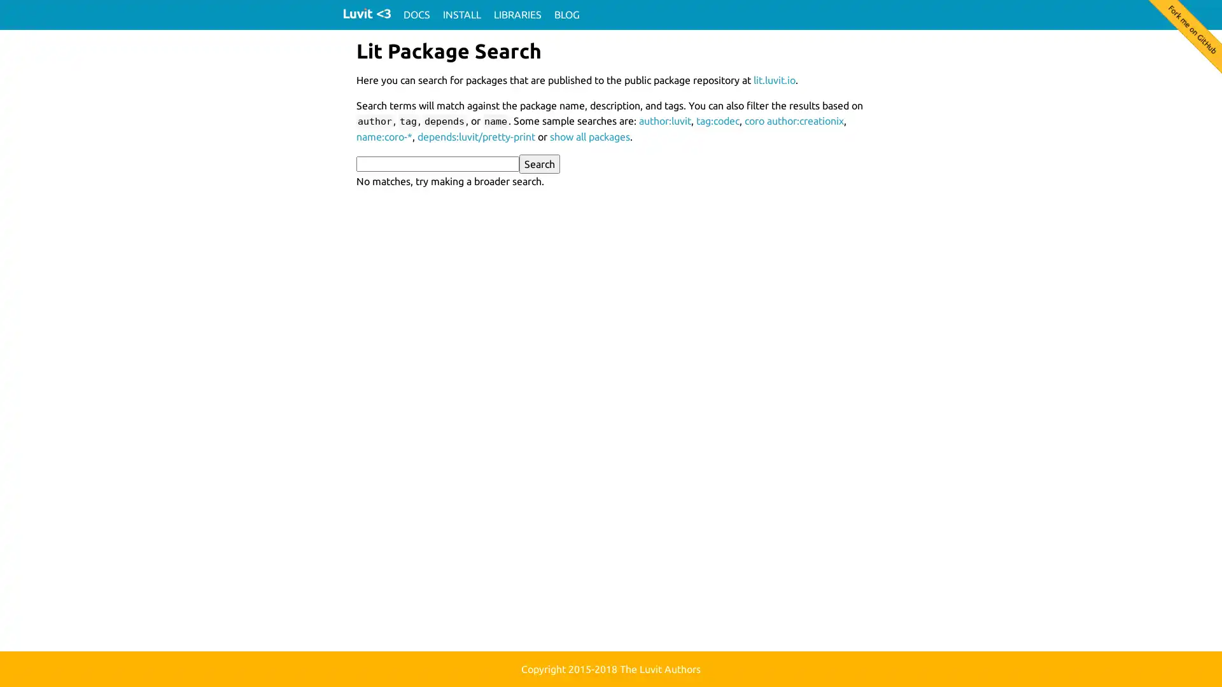 The image size is (1222, 687). What do you see at coordinates (540, 163) in the screenshot?
I see `Search` at bounding box center [540, 163].